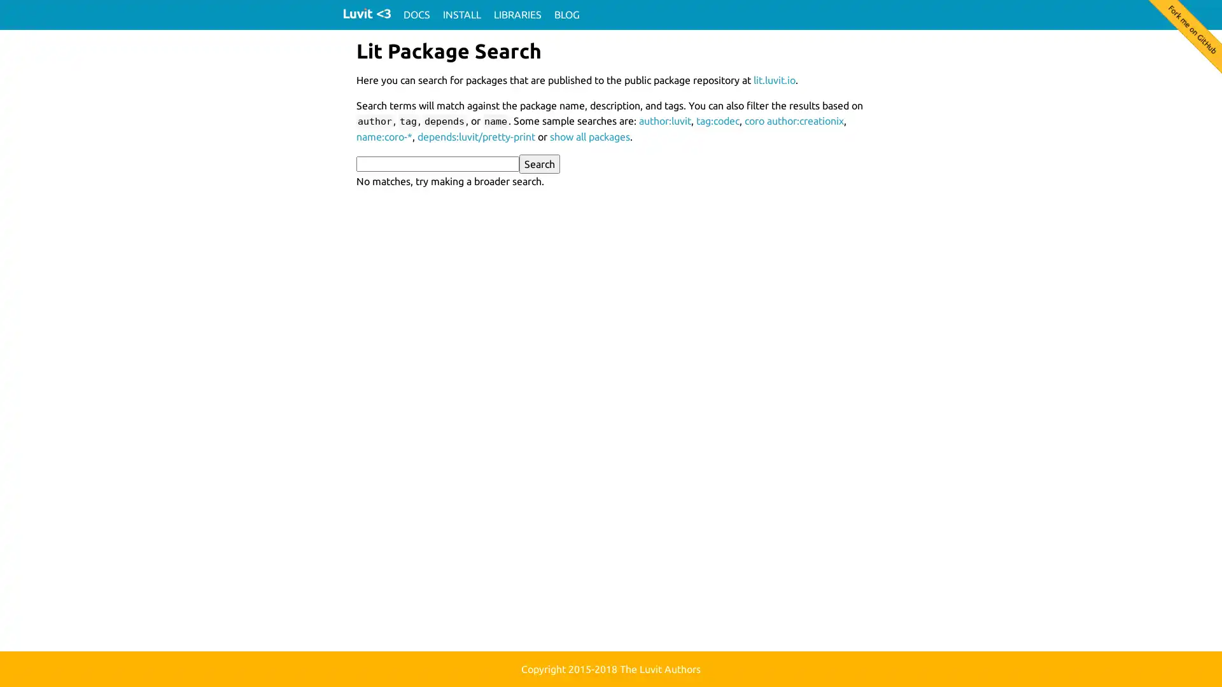 The image size is (1222, 687). What do you see at coordinates (540, 163) in the screenshot?
I see `Search` at bounding box center [540, 163].